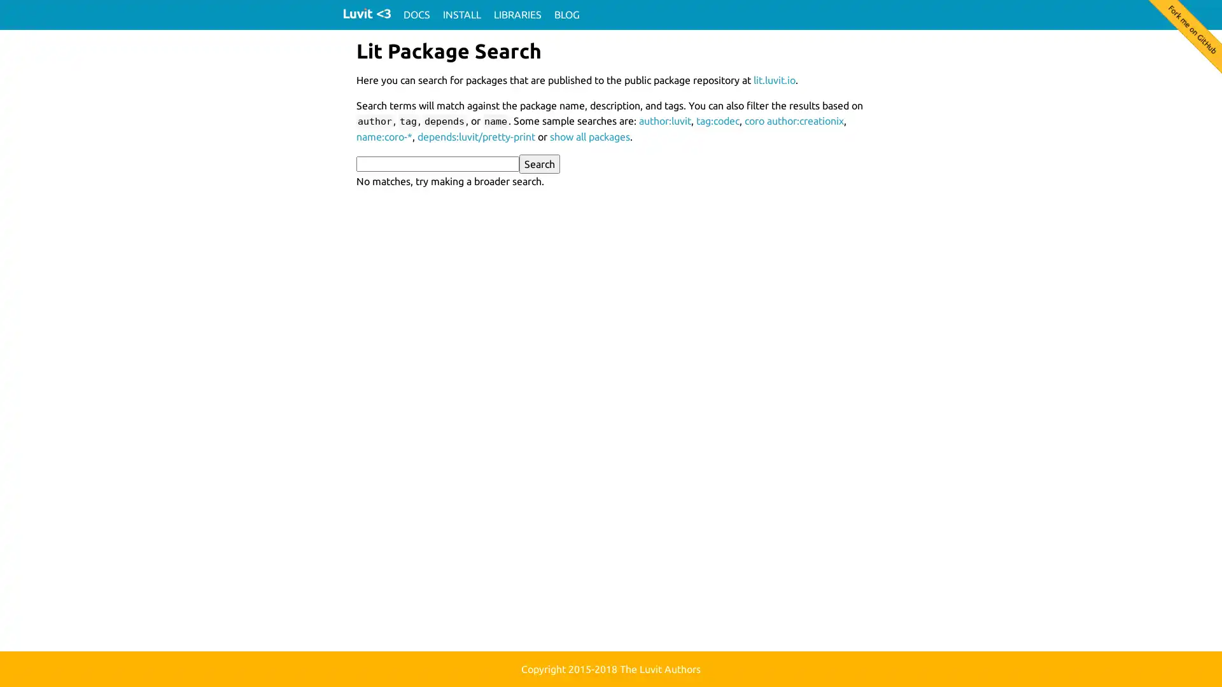 The image size is (1222, 687). What do you see at coordinates (540, 163) in the screenshot?
I see `Search` at bounding box center [540, 163].